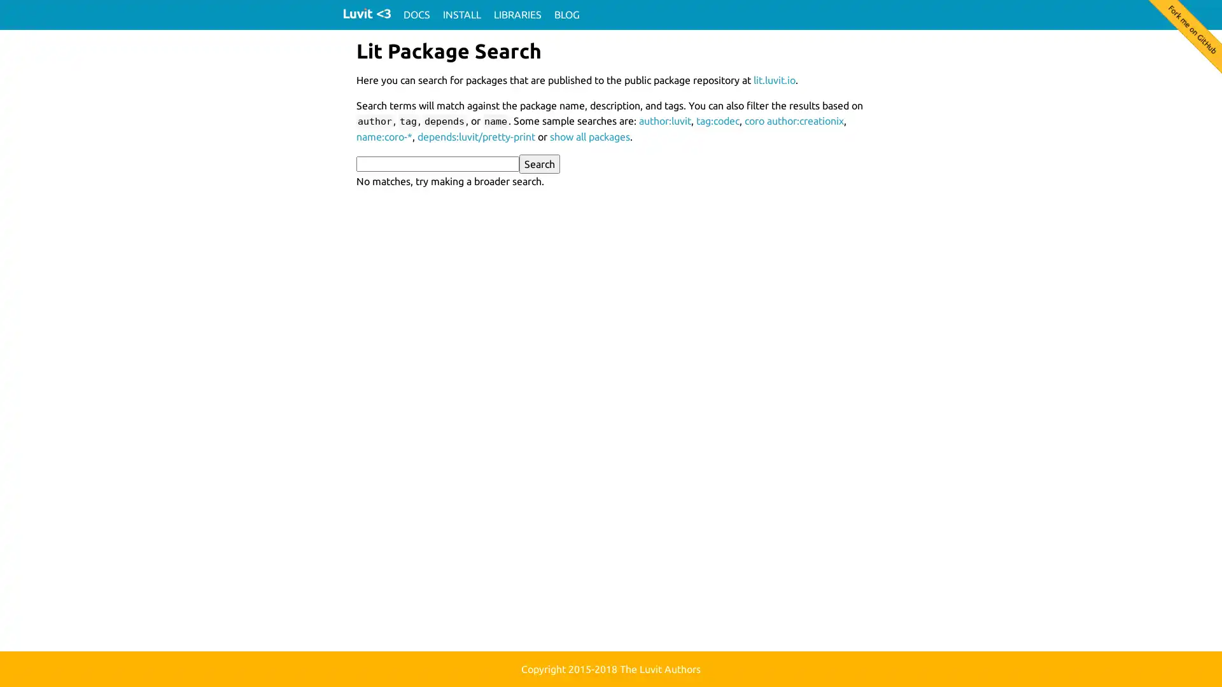 The image size is (1222, 687). What do you see at coordinates (540, 163) in the screenshot?
I see `Search` at bounding box center [540, 163].